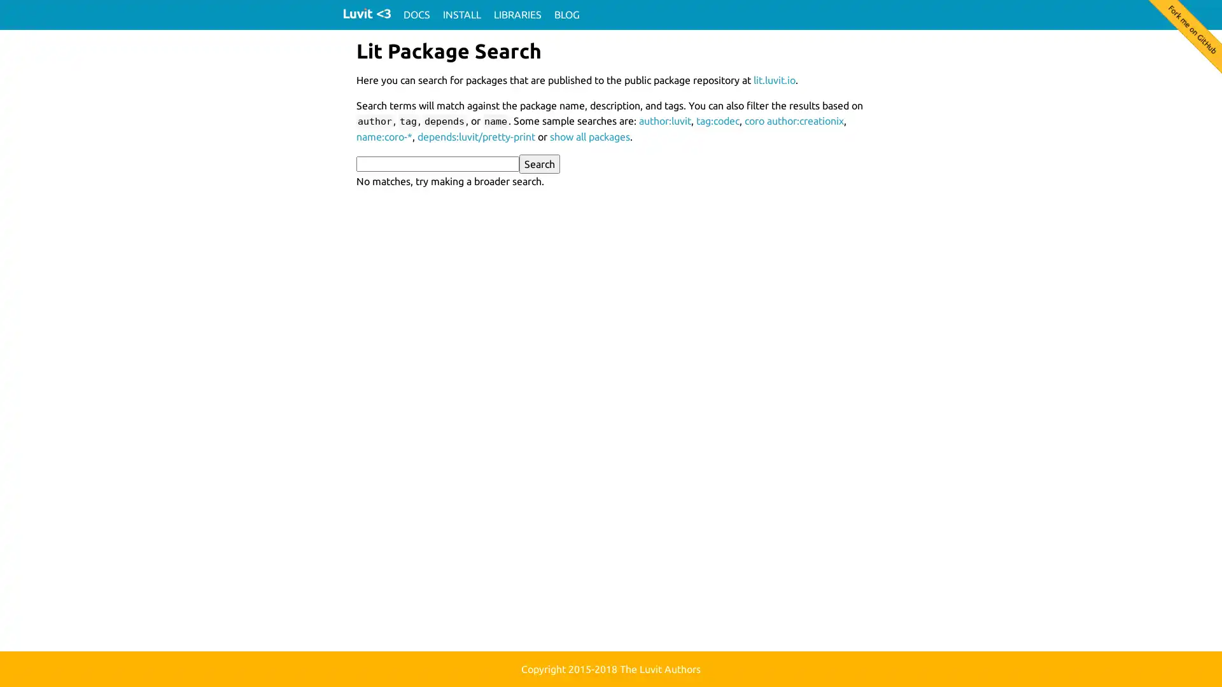 The image size is (1222, 687). What do you see at coordinates (540, 163) in the screenshot?
I see `Search` at bounding box center [540, 163].